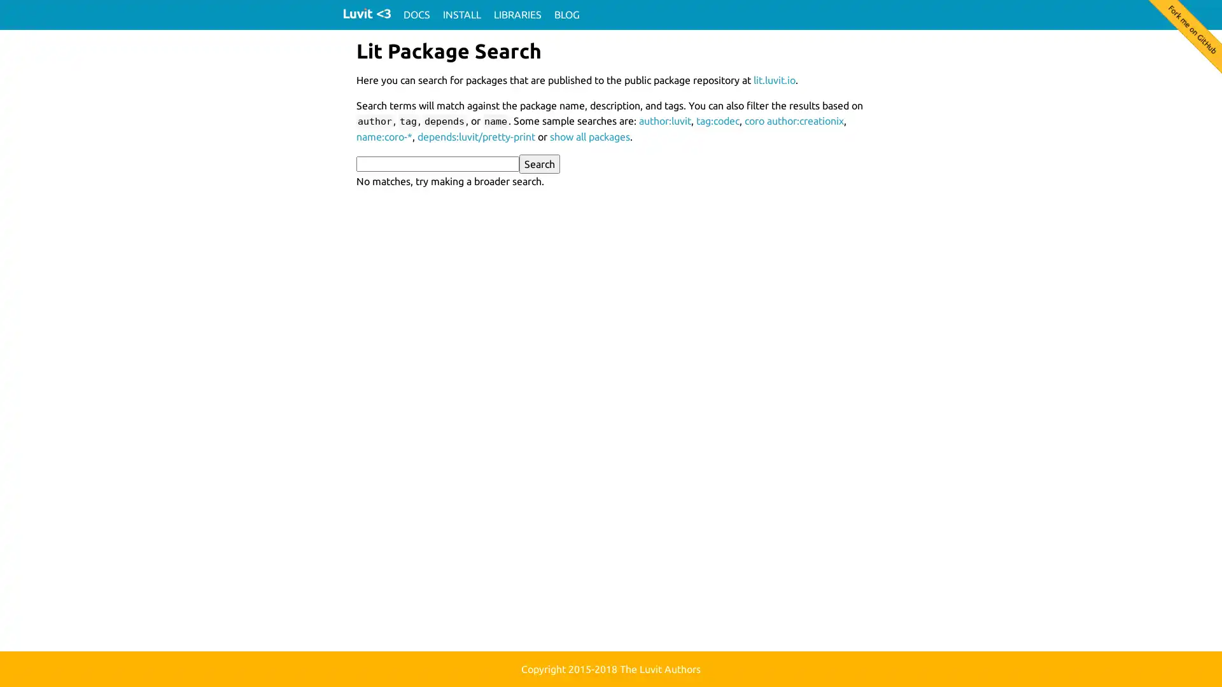 The image size is (1222, 687). What do you see at coordinates (540, 163) in the screenshot?
I see `Search` at bounding box center [540, 163].